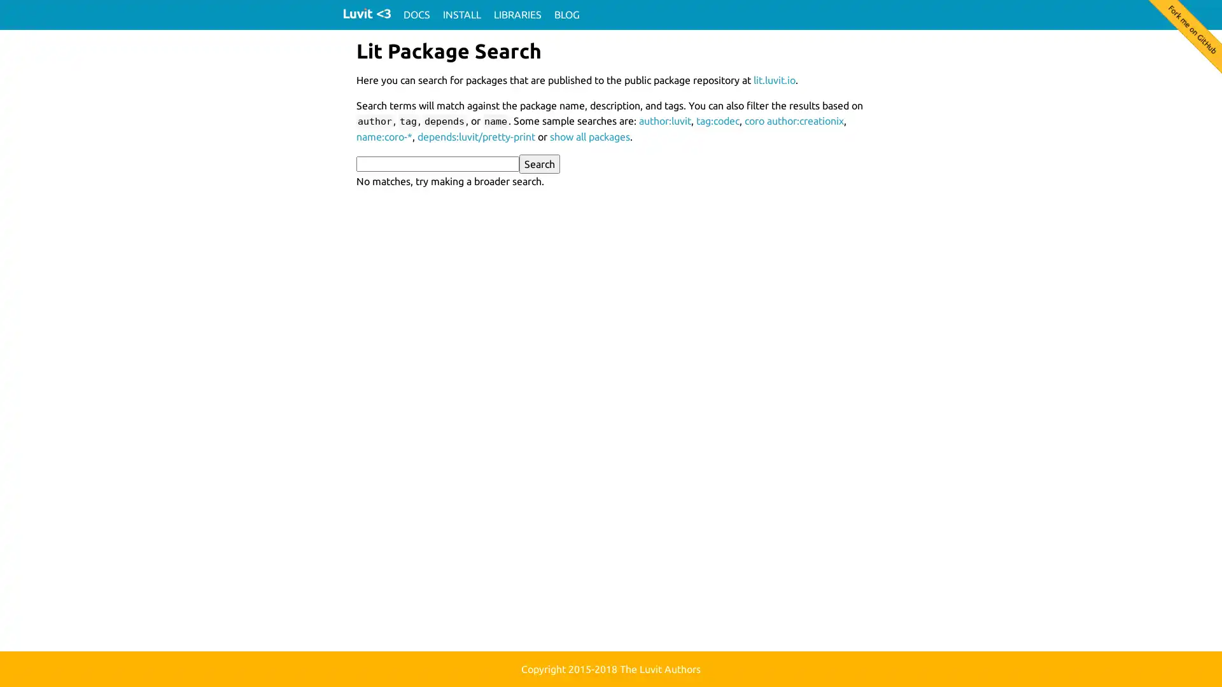 The image size is (1222, 687). What do you see at coordinates (540, 163) in the screenshot?
I see `Search` at bounding box center [540, 163].